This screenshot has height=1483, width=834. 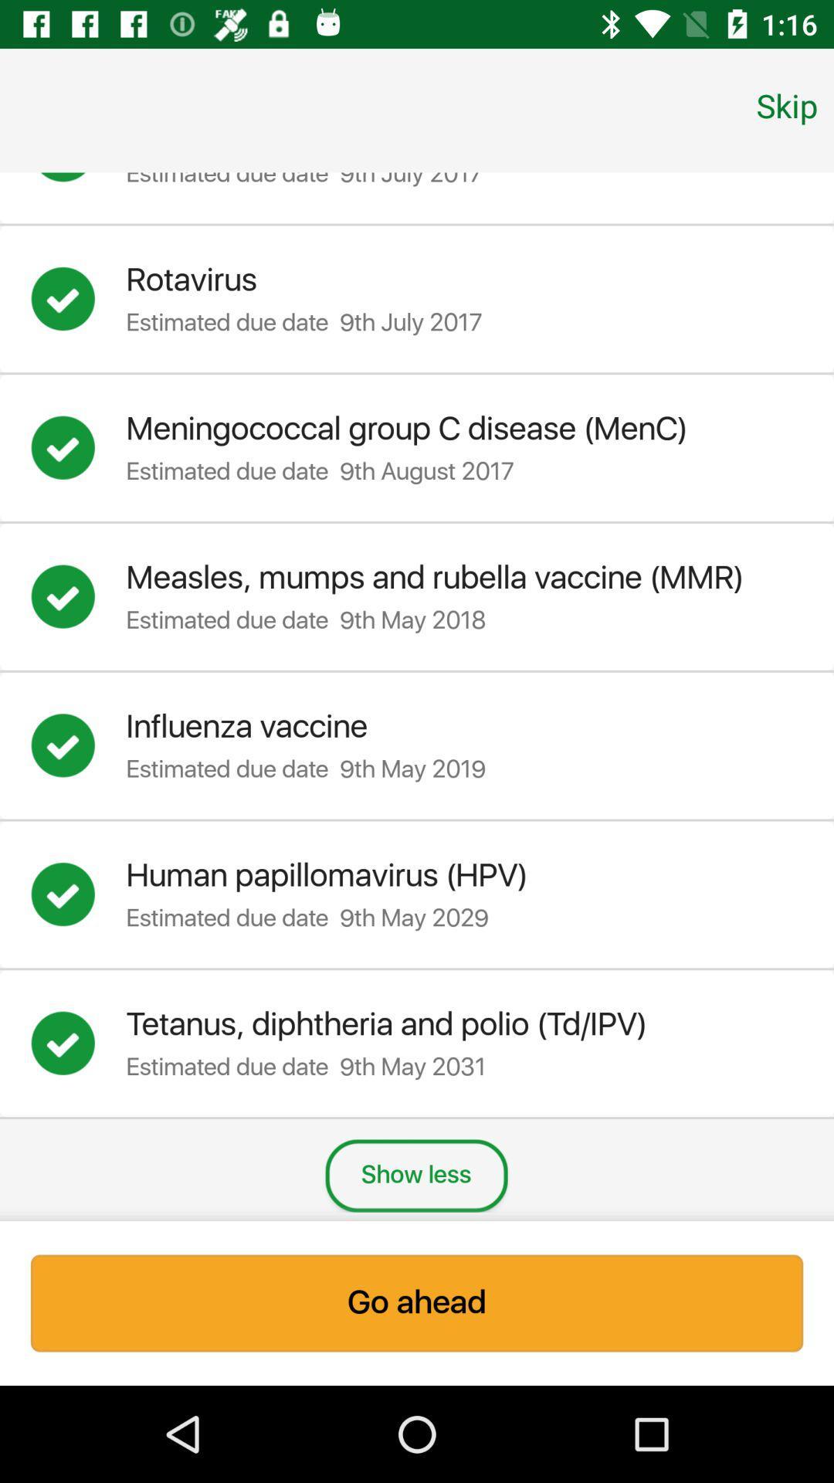 What do you see at coordinates (78, 182) in the screenshot?
I see `or de-select option` at bounding box center [78, 182].